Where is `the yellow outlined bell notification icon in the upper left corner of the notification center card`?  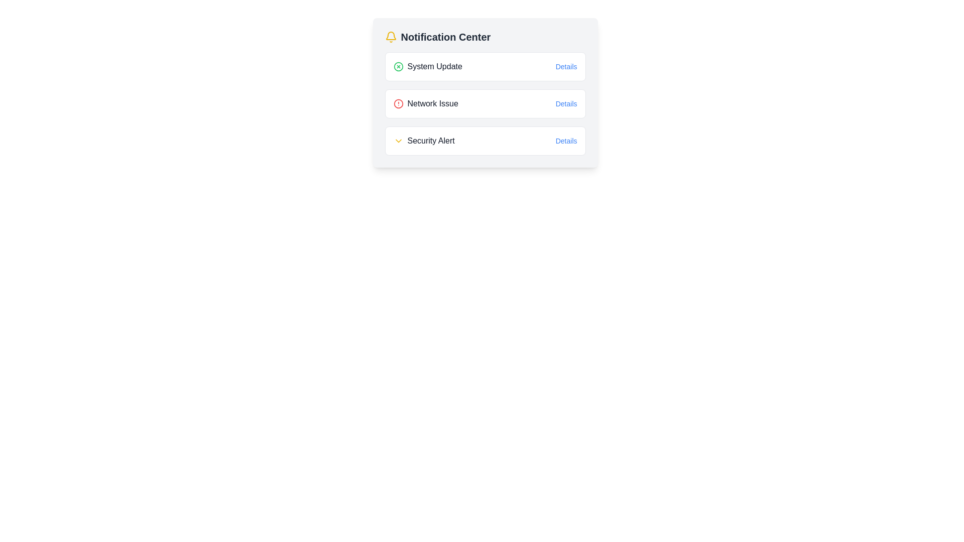 the yellow outlined bell notification icon in the upper left corner of the notification center card is located at coordinates (390, 35).